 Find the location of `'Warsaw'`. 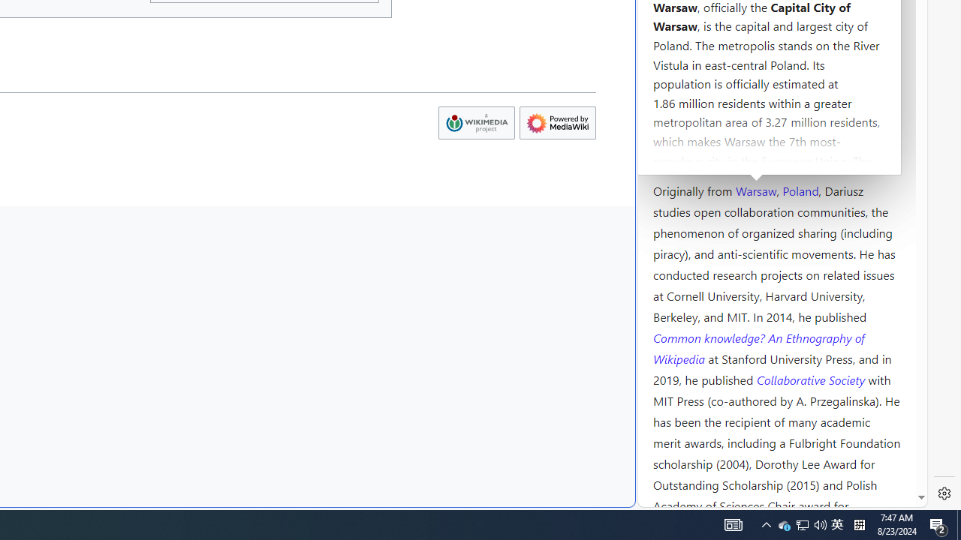

'Warsaw' is located at coordinates (755, 189).